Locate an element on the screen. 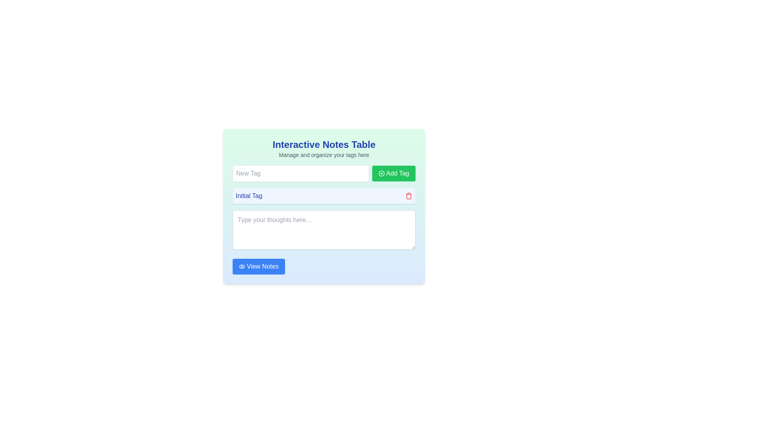 The height and width of the screenshot is (426, 757). the 'View Notes' button which contains an eye-shaped icon for visibility, located to the left of the text label 'View Notes' is located at coordinates (242, 266).